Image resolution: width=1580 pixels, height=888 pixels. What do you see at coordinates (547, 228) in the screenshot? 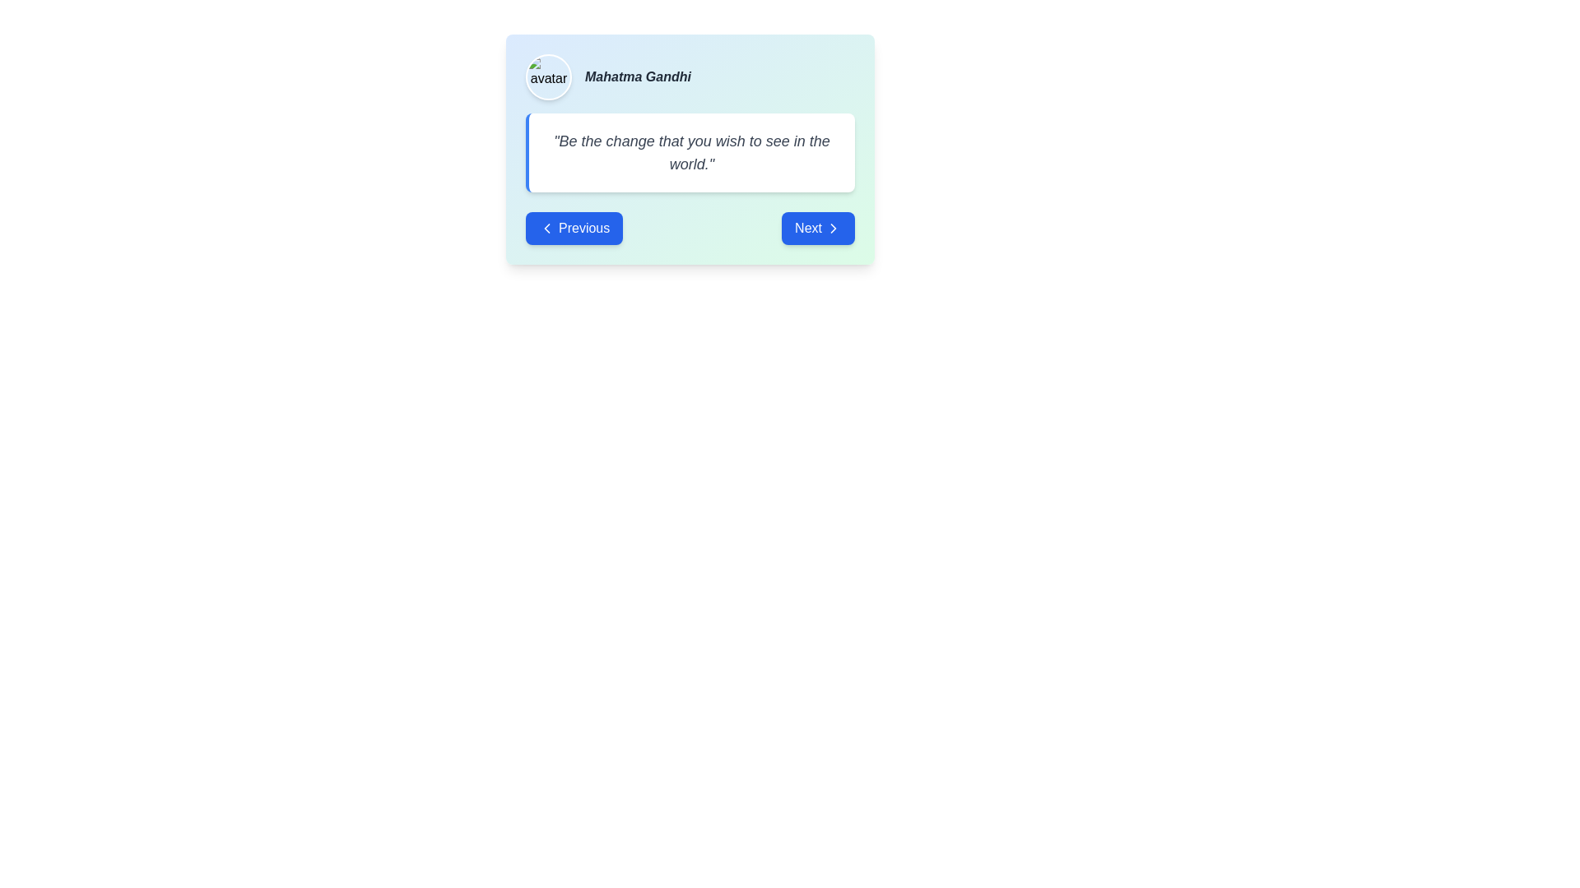
I see `the left-facing chevron icon that is part of the navigation control, located next to the 'Previous' button` at bounding box center [547, 228].